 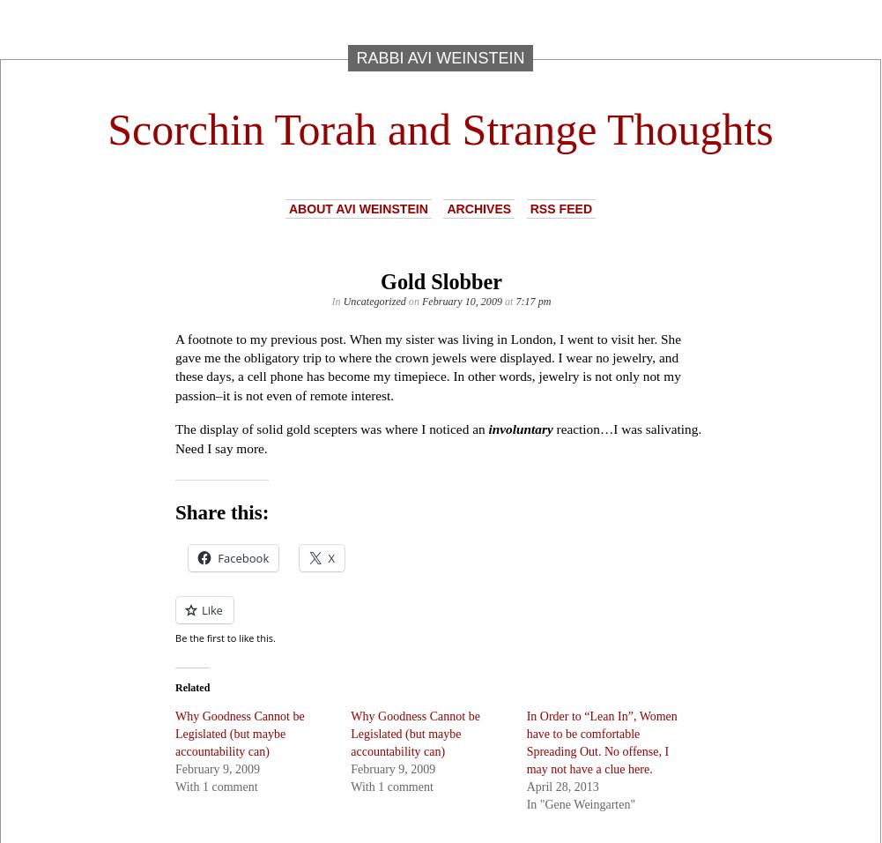 I want to click on 'Facebook', so click(x=241, y=557).